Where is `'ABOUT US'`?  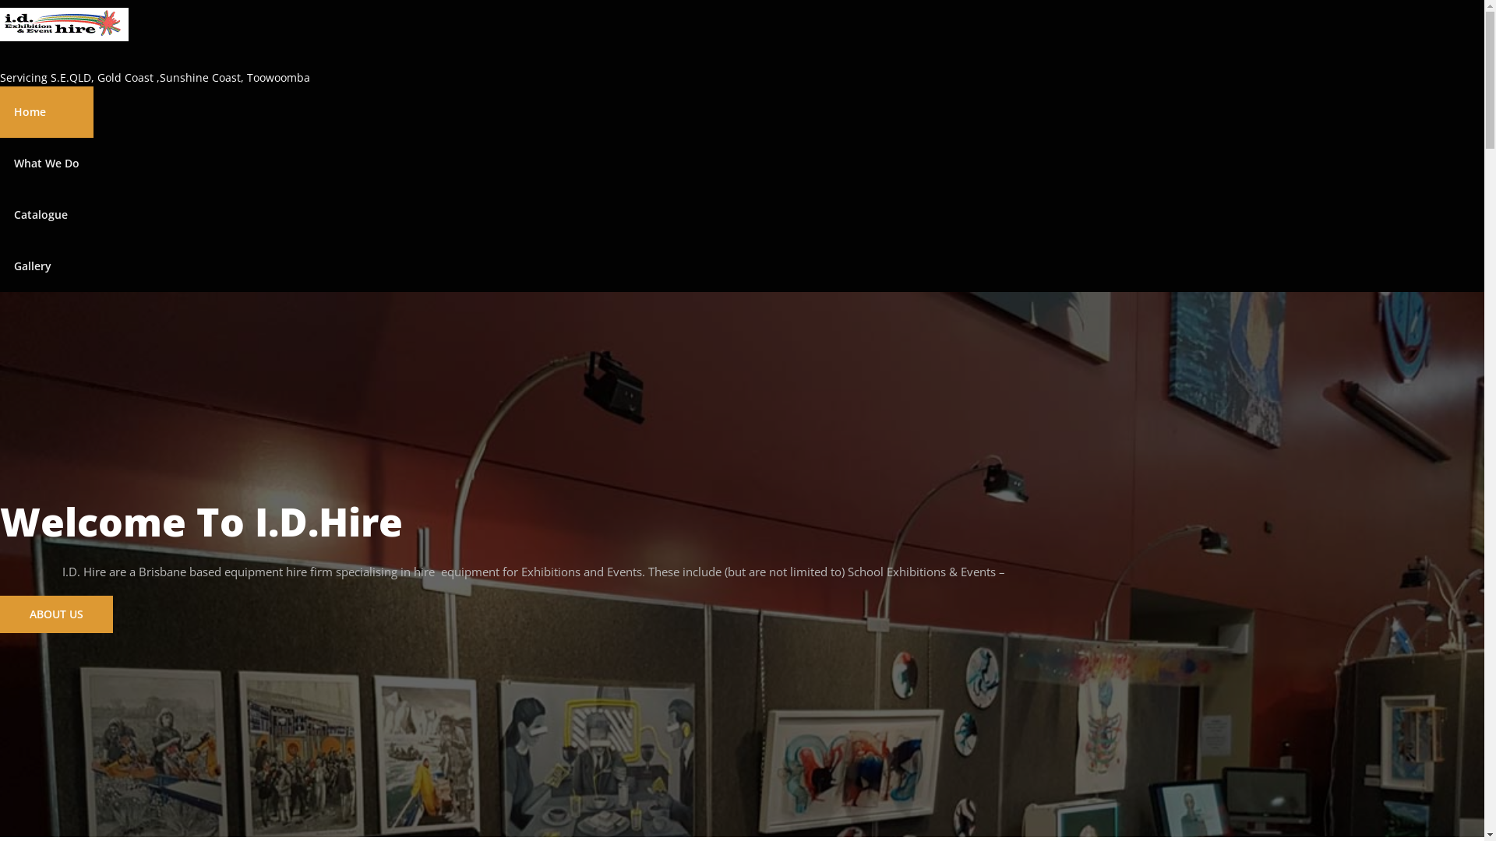 'ABOUT US' is located at coordinates (56, 612).